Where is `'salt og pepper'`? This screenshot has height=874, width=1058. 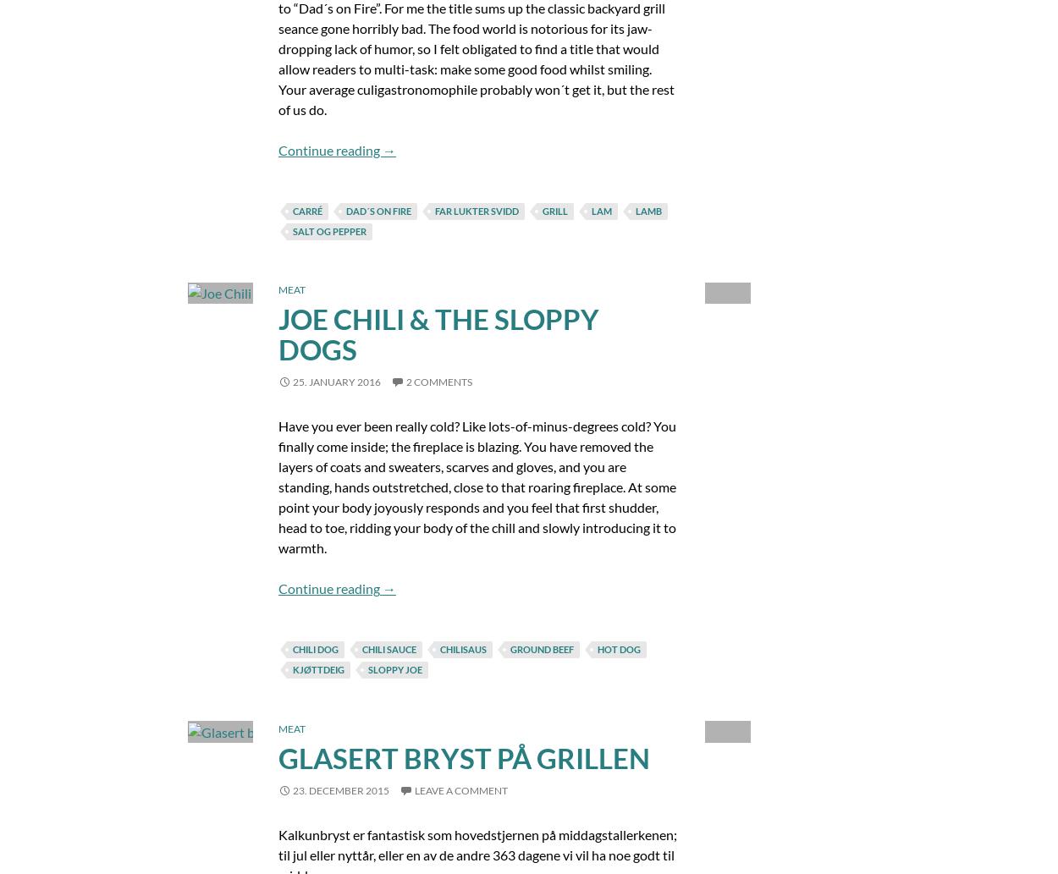 'salt og pepper' is located at coordinates (328, 229).